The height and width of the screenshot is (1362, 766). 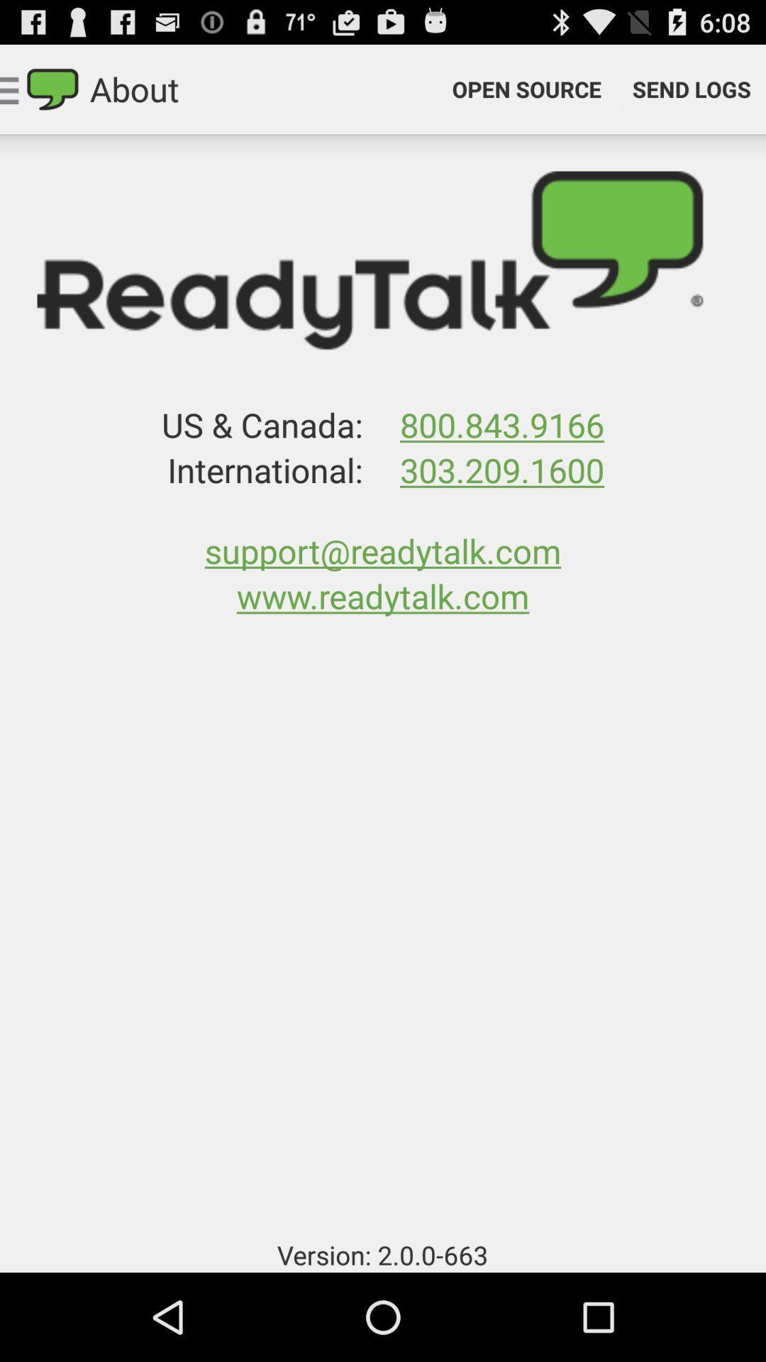 I want to click on the open source, so click(x=526, y=88).